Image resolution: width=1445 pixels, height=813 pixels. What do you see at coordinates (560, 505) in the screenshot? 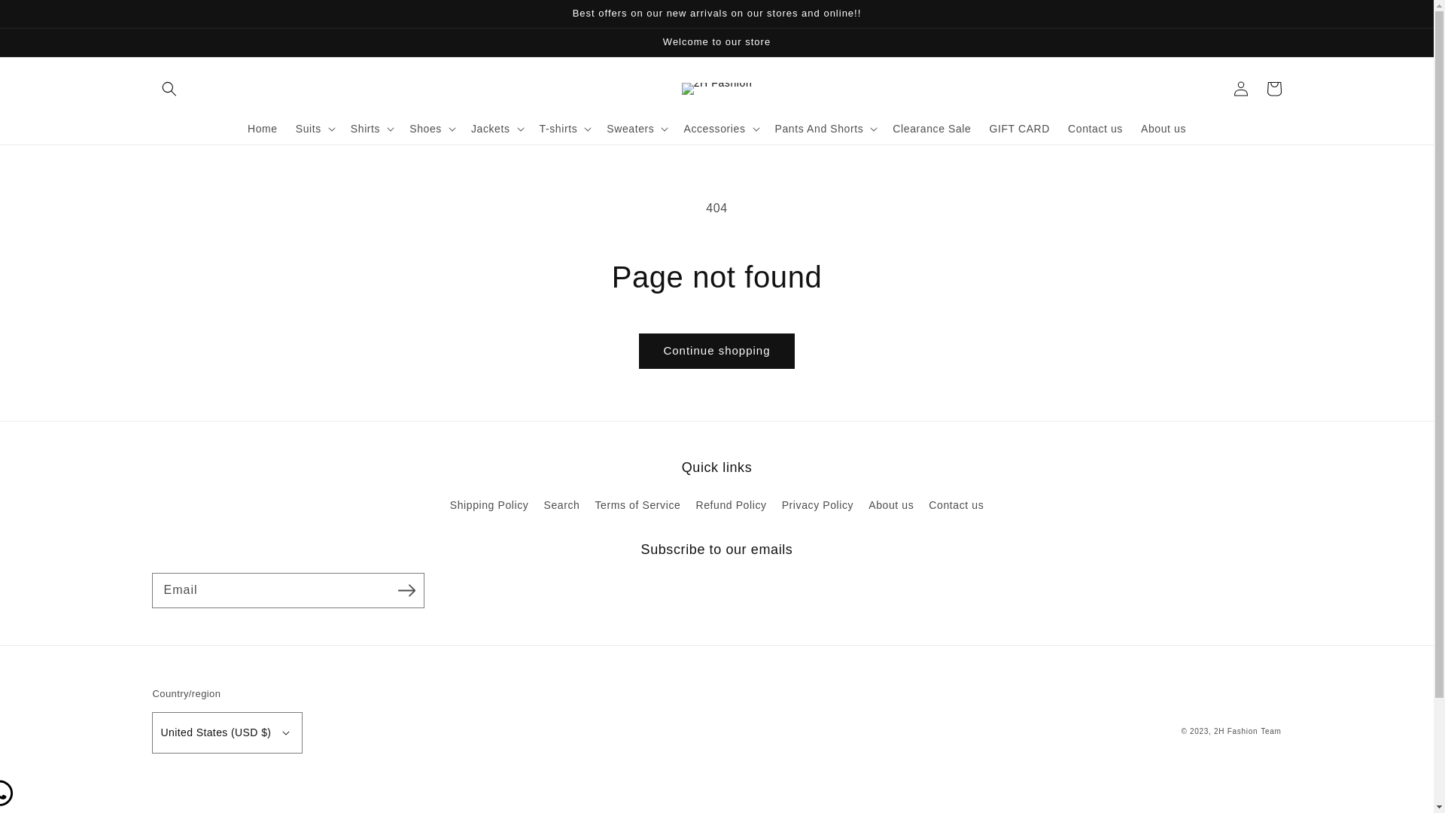
I see `'Search'` at bounding box center [560, 505].